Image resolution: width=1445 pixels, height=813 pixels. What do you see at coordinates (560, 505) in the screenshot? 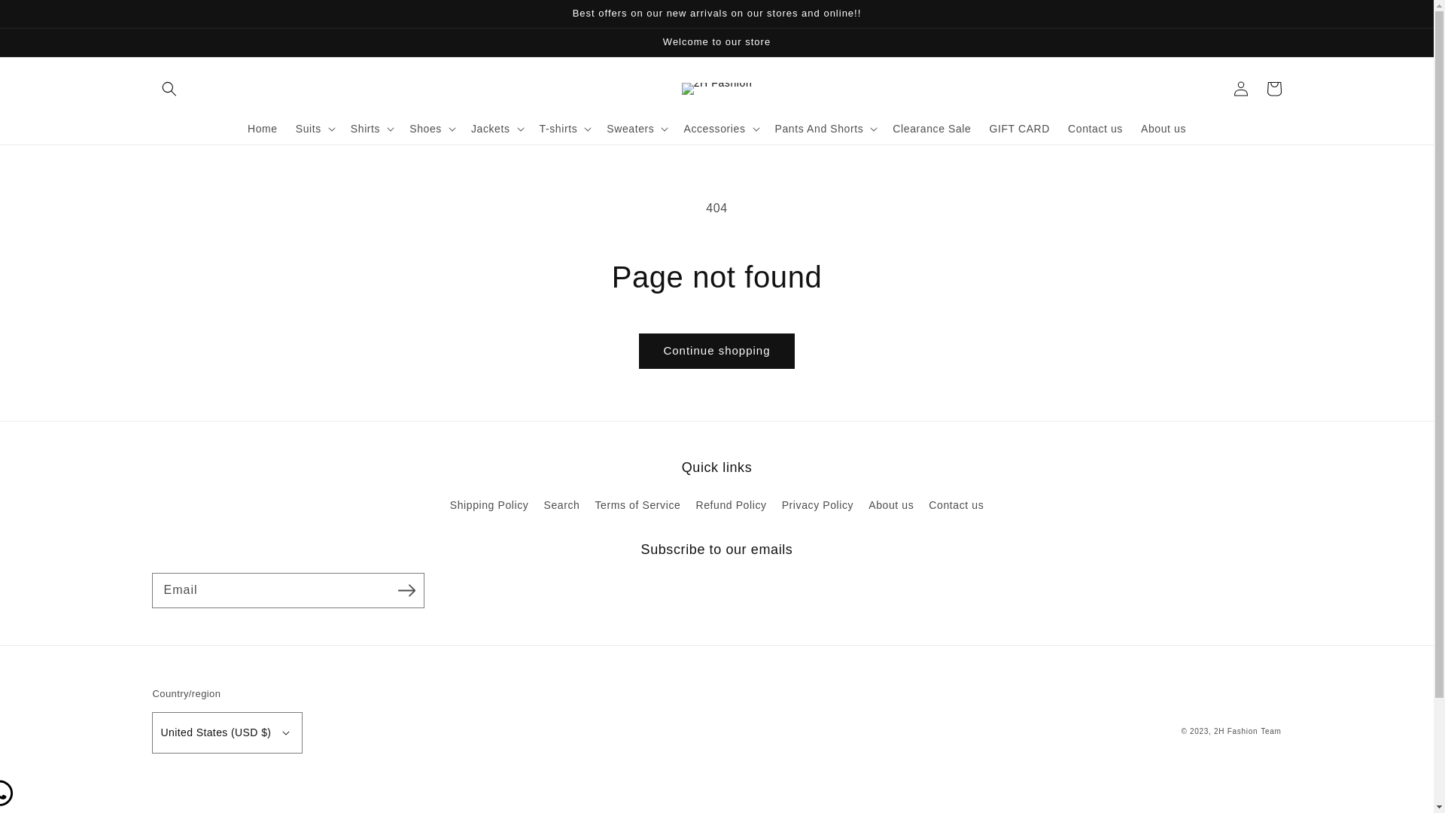
I see `'Search'` at bounding box center [560, 505].